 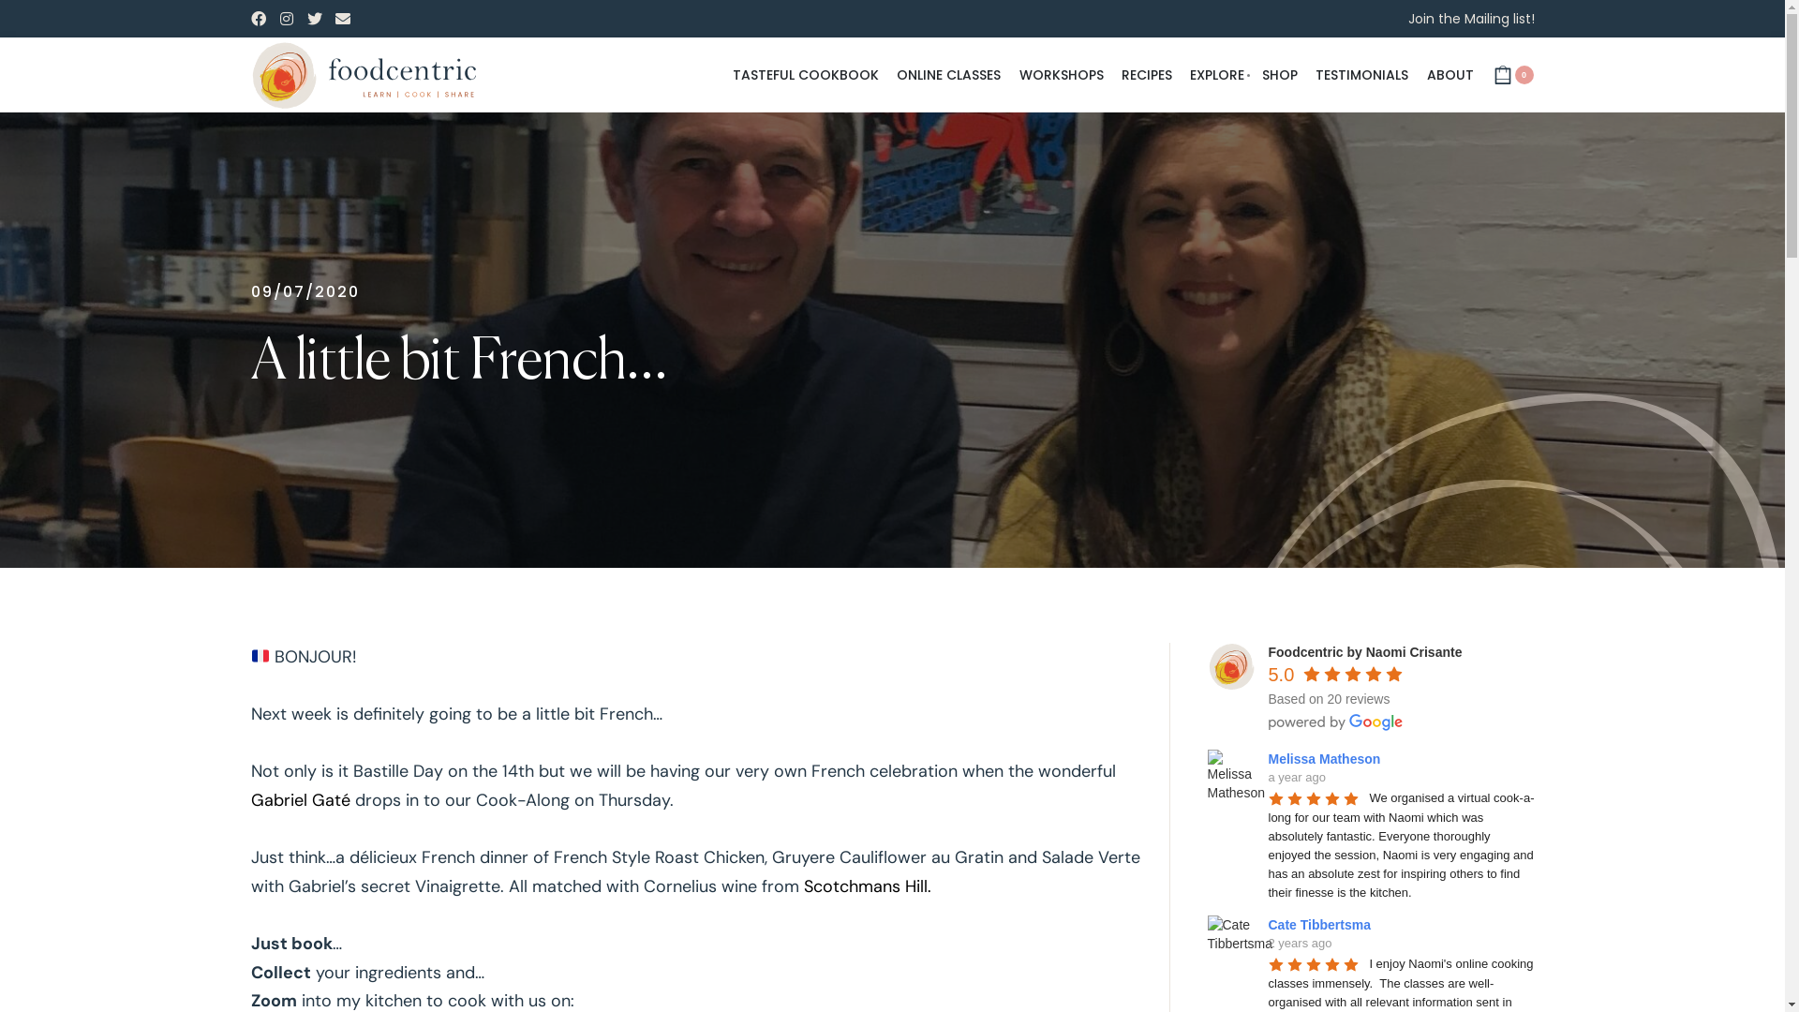 What do you see at coordinates (1279, 75) in the screenshot?
I see `'SHOP'` at bounding box center [1279, 75].